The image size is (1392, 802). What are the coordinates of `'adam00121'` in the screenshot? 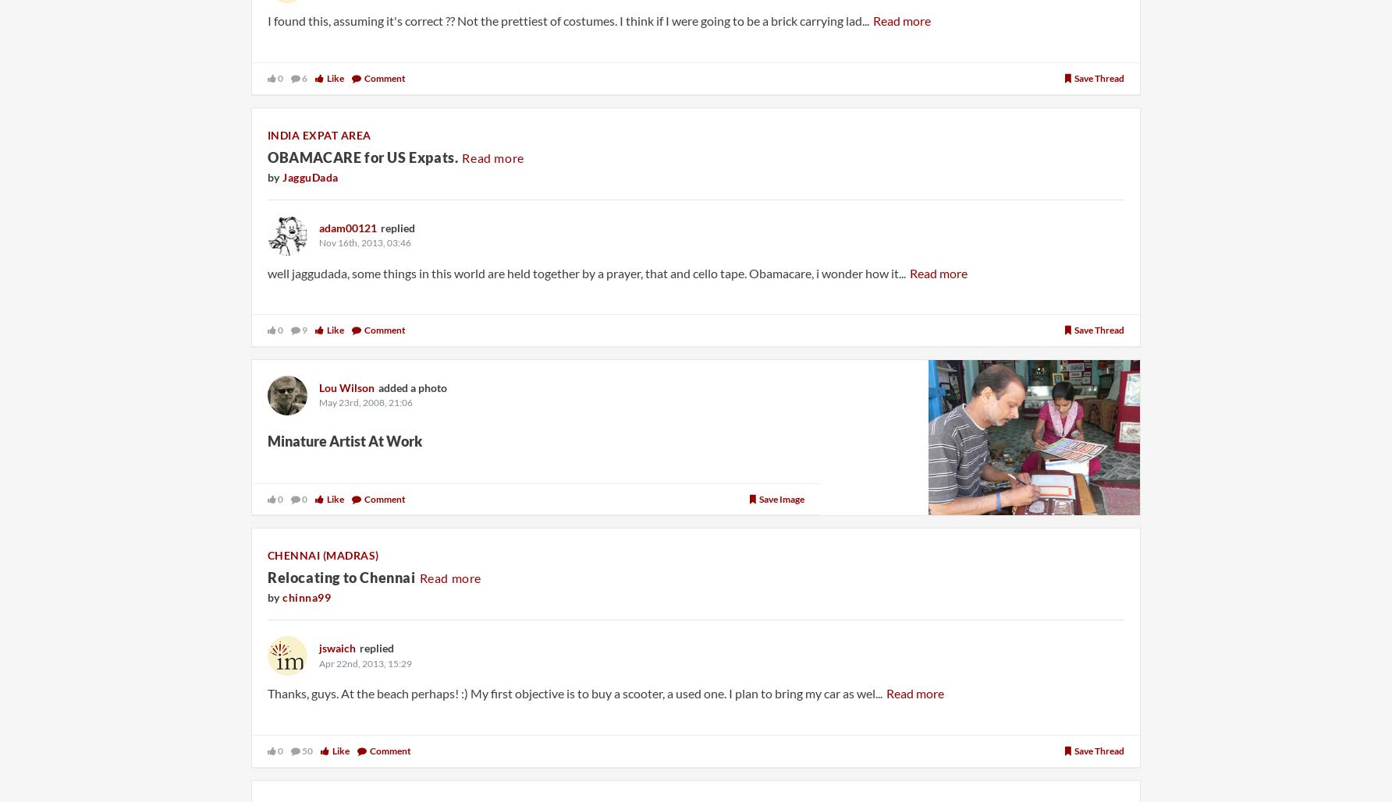 It's located at (348, 226).